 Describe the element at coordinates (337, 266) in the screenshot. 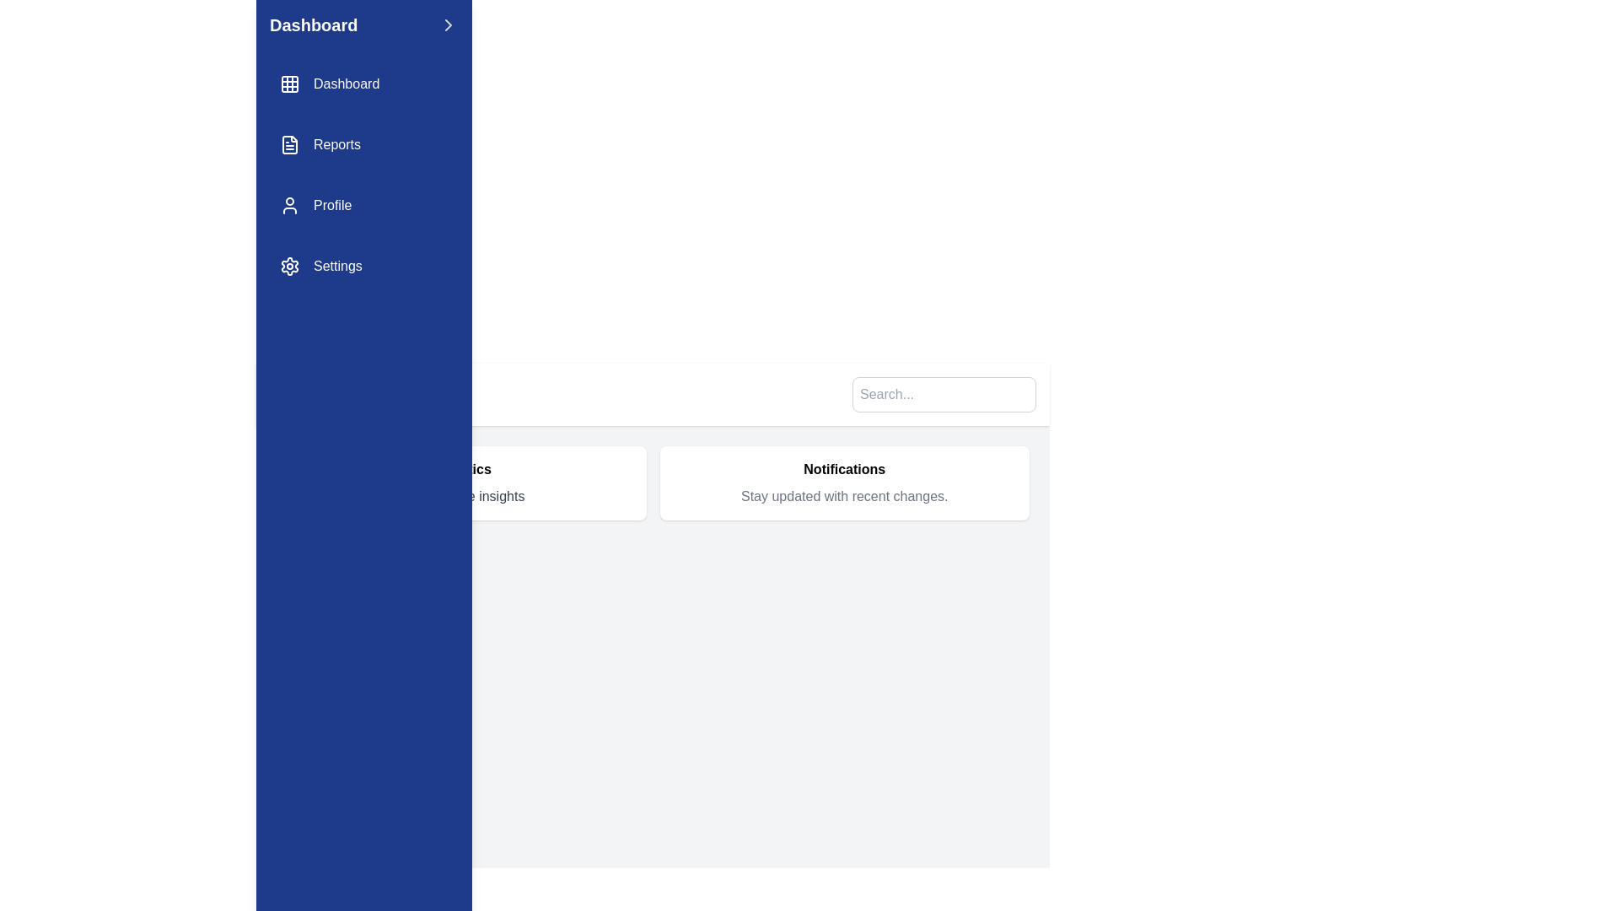

I see `the 'Settings' text label, which is styled in white against a dark blue background and located as the fourth item in the vertical navigation menu` at that location.